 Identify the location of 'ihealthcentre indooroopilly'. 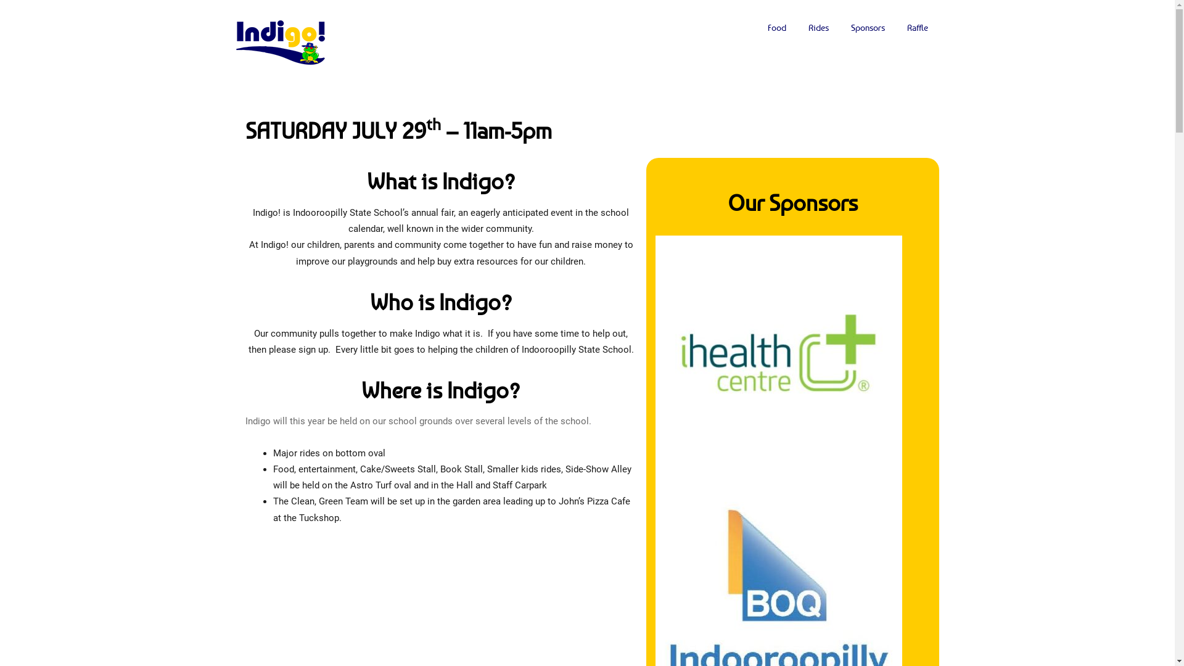
(654, 359).